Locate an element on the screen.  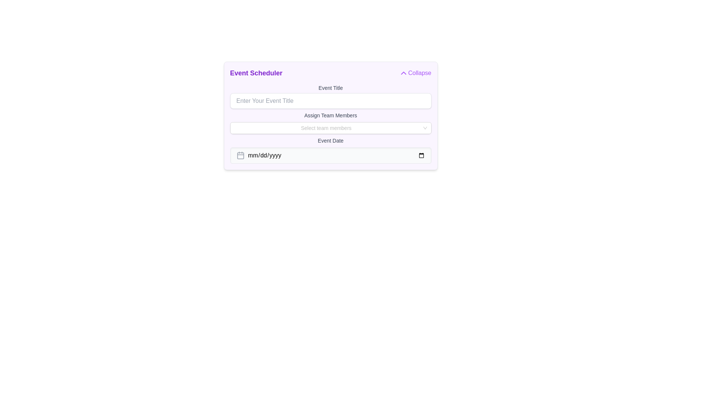
the placeholder text inside the dropdown menu for selecting team members, which prompts users to make a selection is located at coordinates (326, 127).